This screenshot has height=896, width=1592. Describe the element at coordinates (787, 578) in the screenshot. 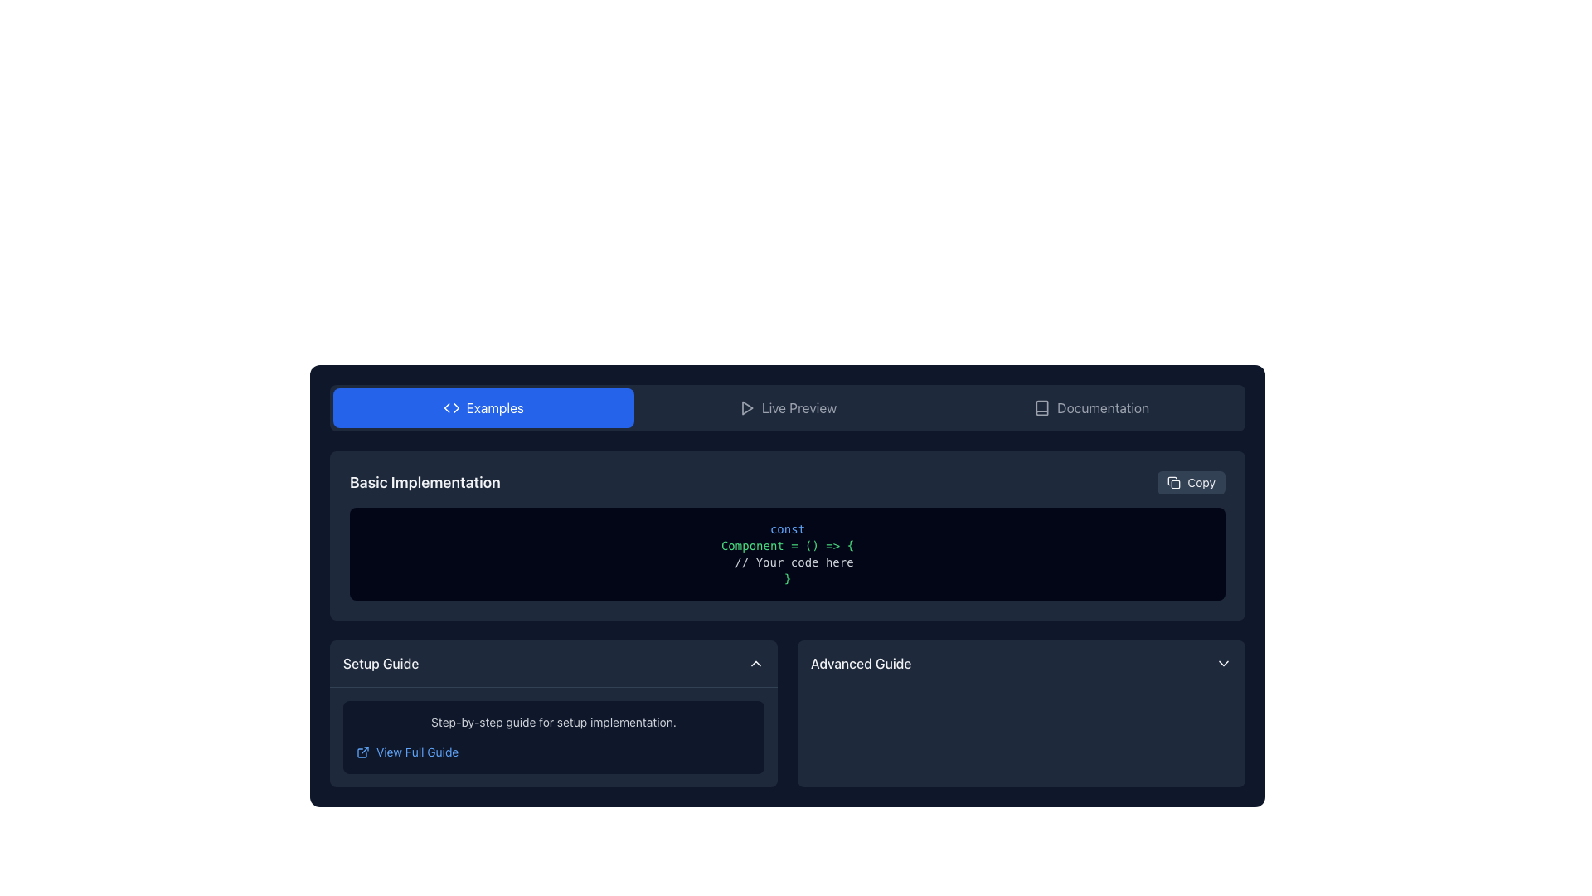

I see `the closing delimiter for a JavaScript function definition` at that location.